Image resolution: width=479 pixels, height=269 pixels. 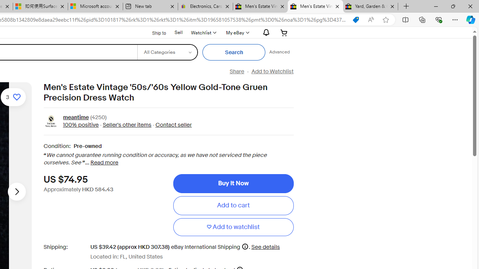 I want to click on 'Yard, Garden & Outdoor Living', so click(x=370, y=6).